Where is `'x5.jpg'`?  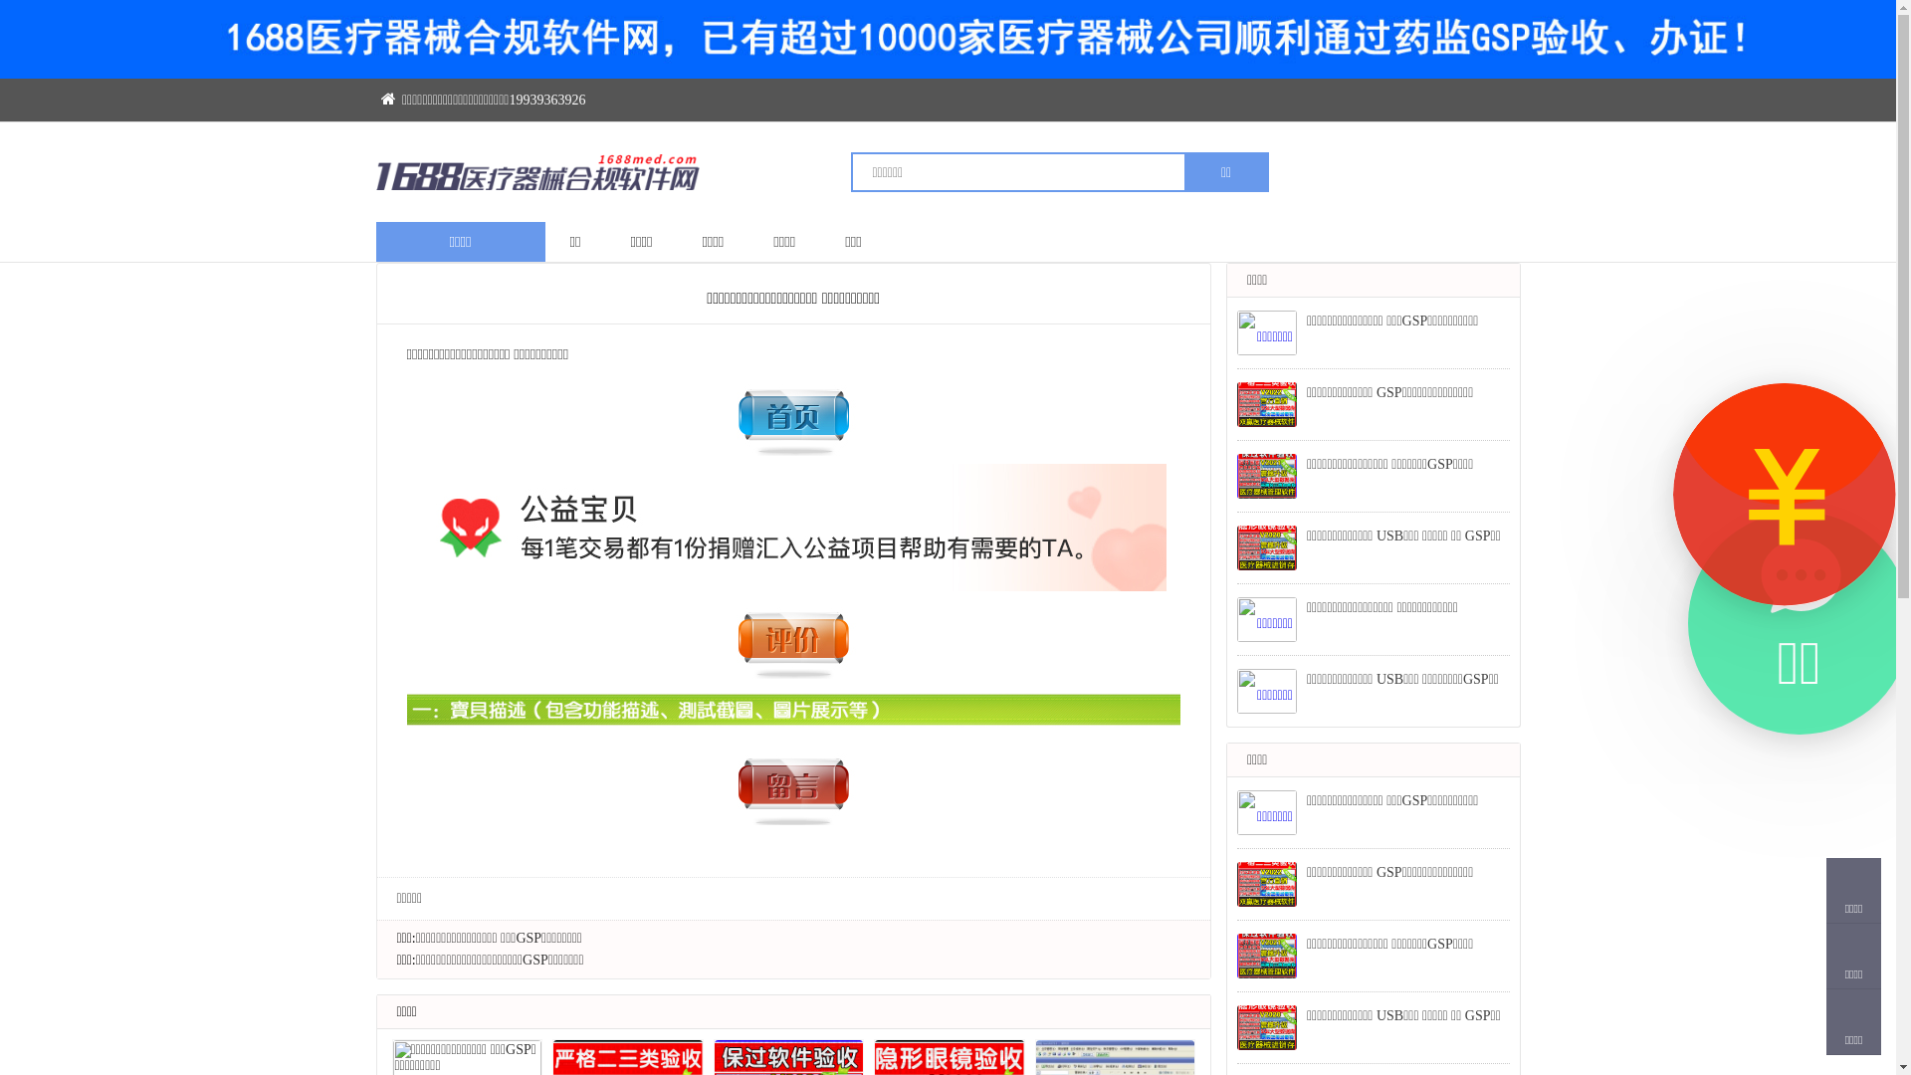
'x5.jpg' is located at coordinates (405, 711).